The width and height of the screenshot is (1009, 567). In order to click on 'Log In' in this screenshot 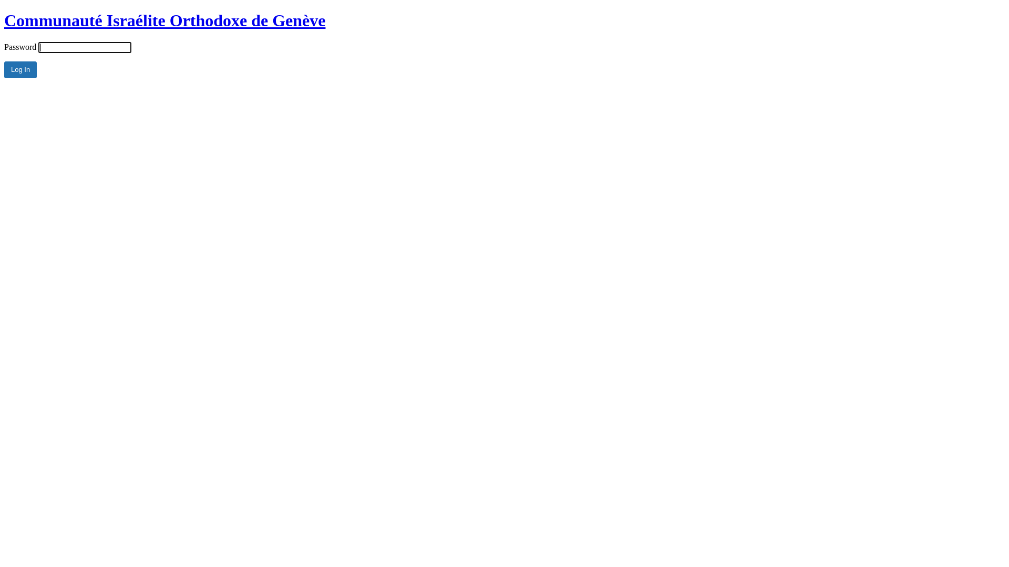, I will do `click(4, 69)`.